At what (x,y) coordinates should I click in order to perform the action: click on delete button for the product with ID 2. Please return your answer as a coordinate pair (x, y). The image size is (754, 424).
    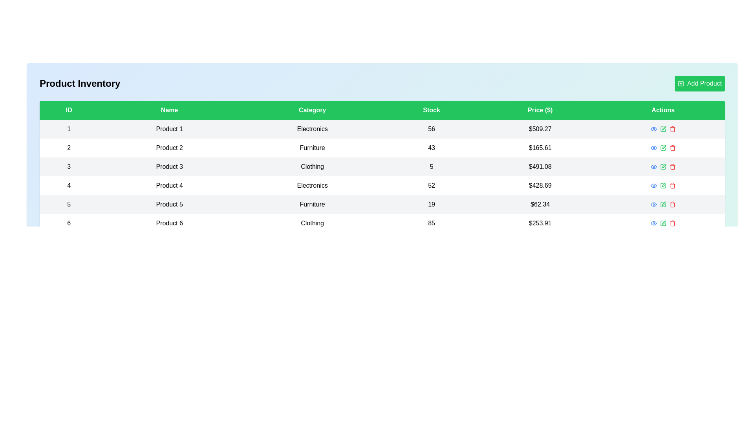
    Looking at the image, I should click on (672, 148).